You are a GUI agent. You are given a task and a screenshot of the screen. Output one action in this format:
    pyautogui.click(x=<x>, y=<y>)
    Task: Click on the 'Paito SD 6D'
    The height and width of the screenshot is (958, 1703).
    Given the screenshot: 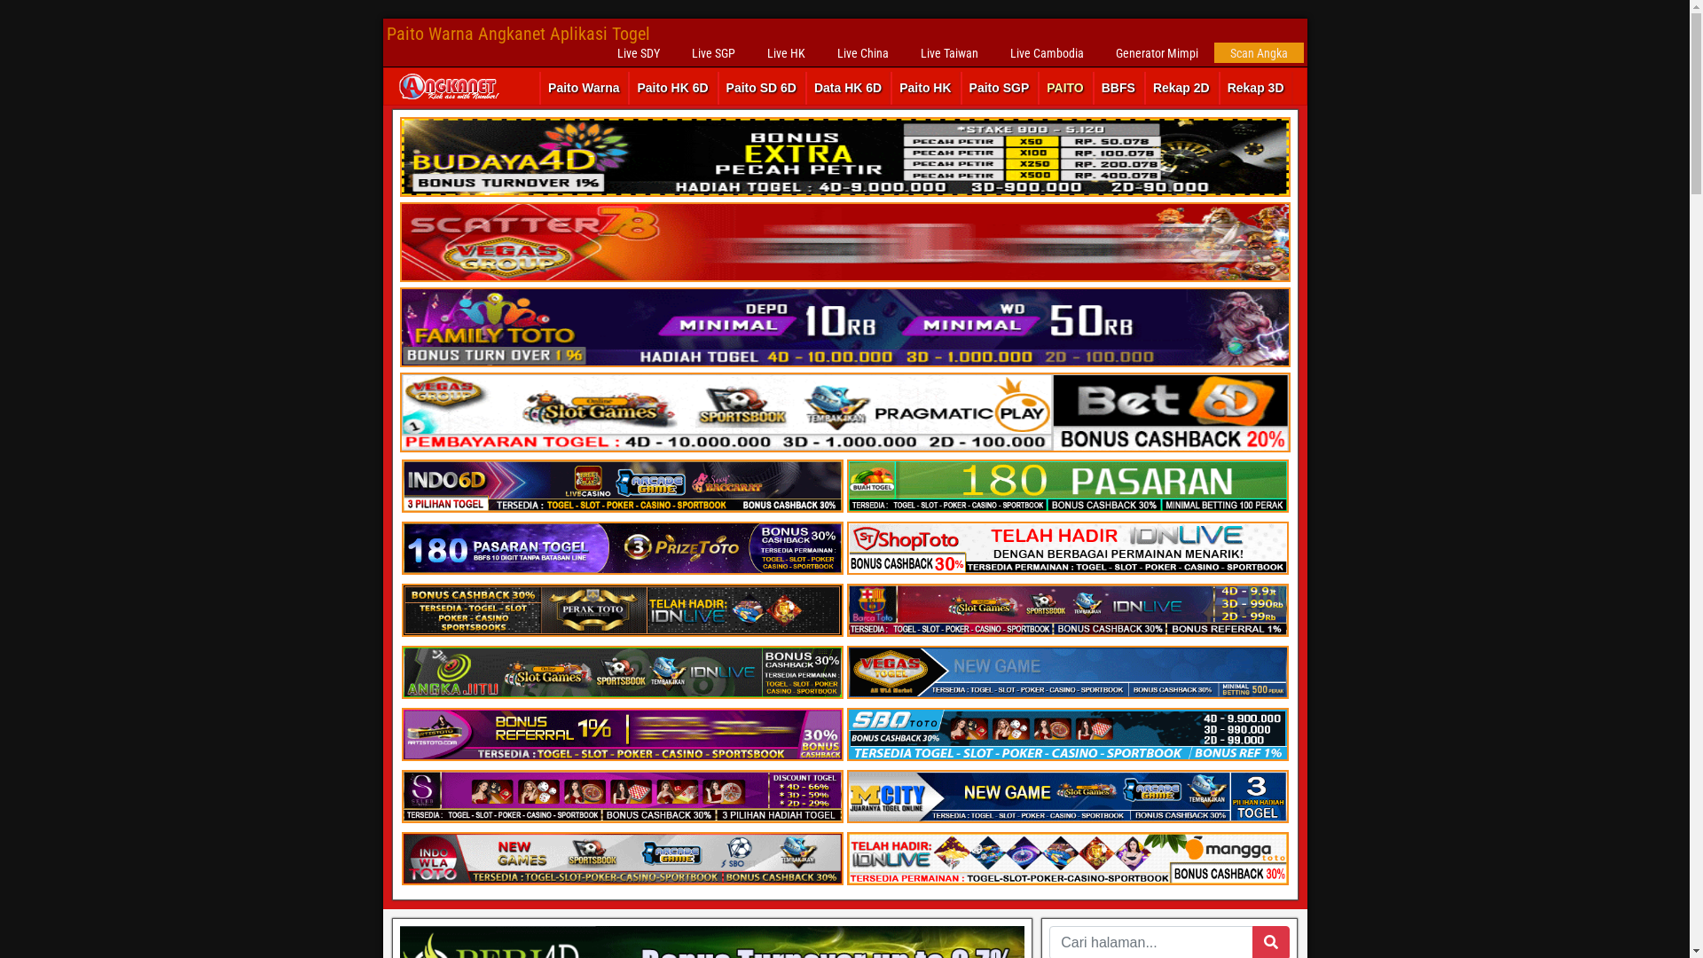 What is the action you would take?
    pyautogui.click(x=761, y=88)
    